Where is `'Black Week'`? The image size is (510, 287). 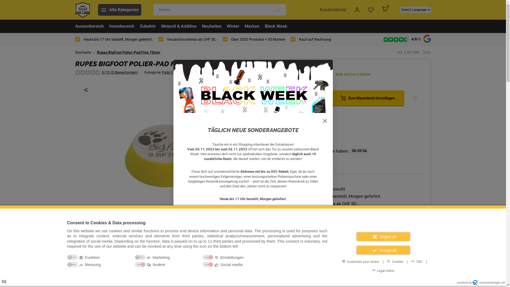 'Black Week' is located at coordinates (276, 26).